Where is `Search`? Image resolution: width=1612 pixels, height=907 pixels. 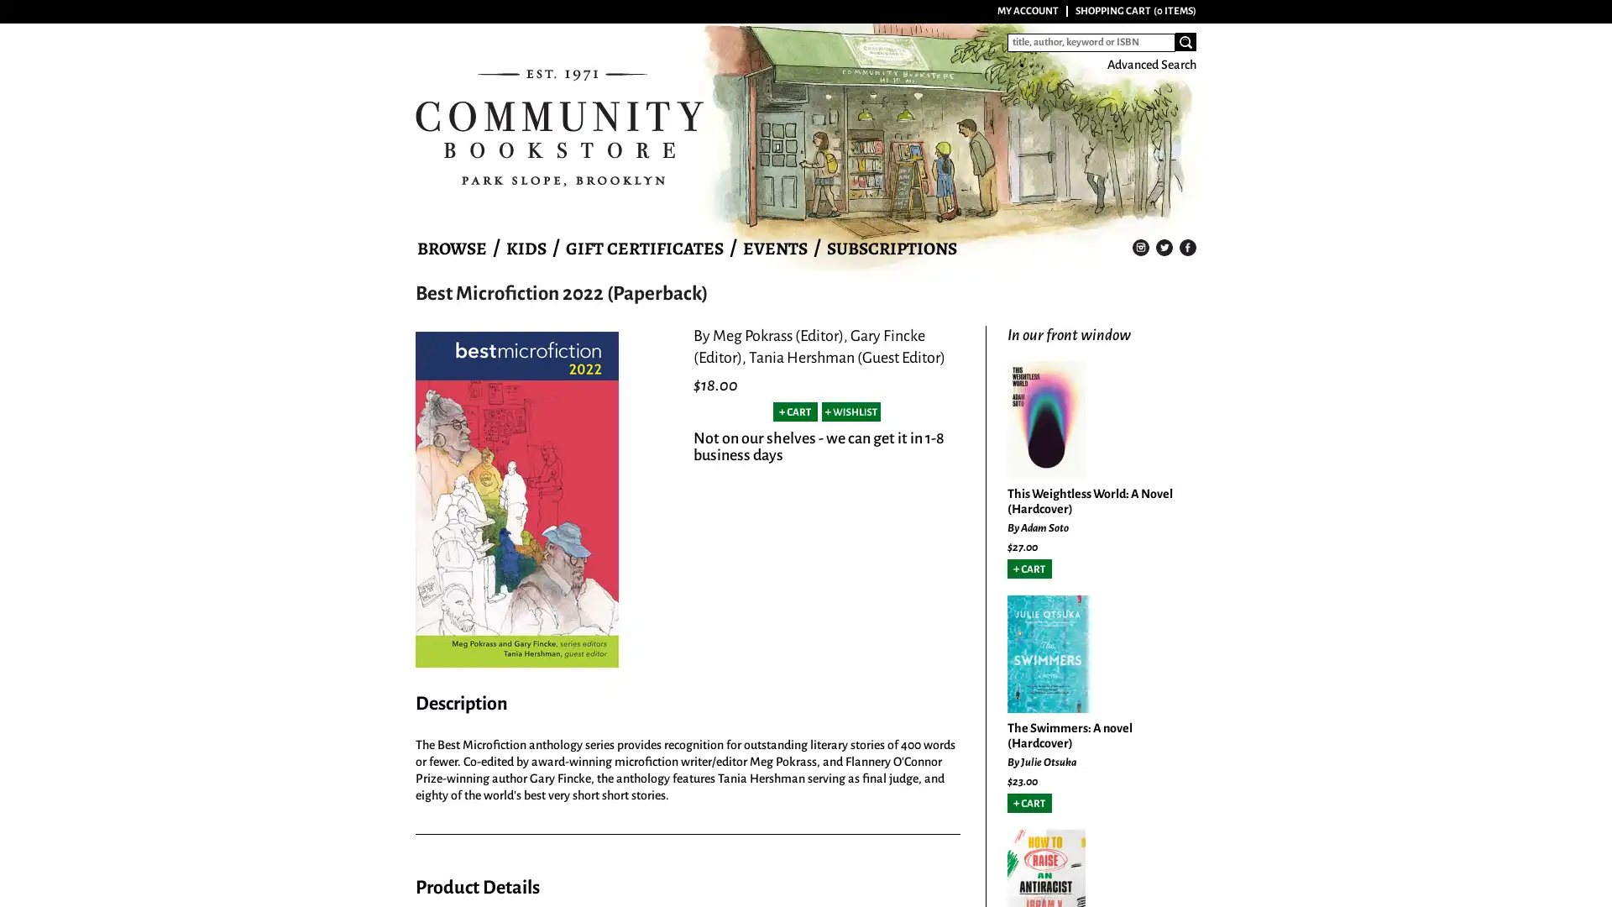
Search is located at coordinates (1185, 41).